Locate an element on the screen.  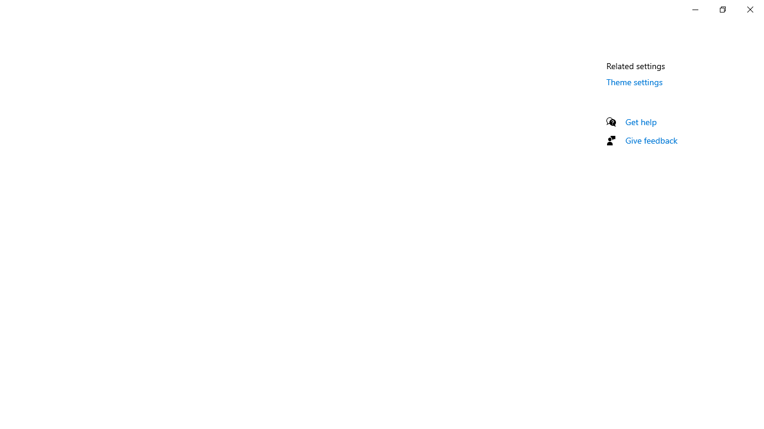
'Minimize Settings' is located at coordinates (695, 9).